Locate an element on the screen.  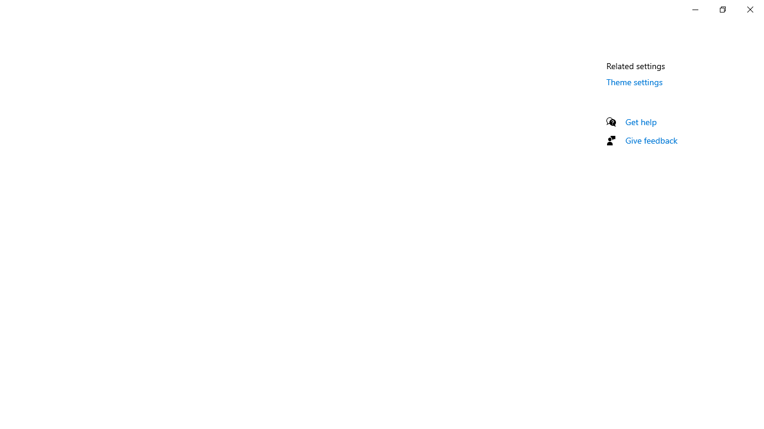
'Minimize Settings' is located at coordinates (695, 9).